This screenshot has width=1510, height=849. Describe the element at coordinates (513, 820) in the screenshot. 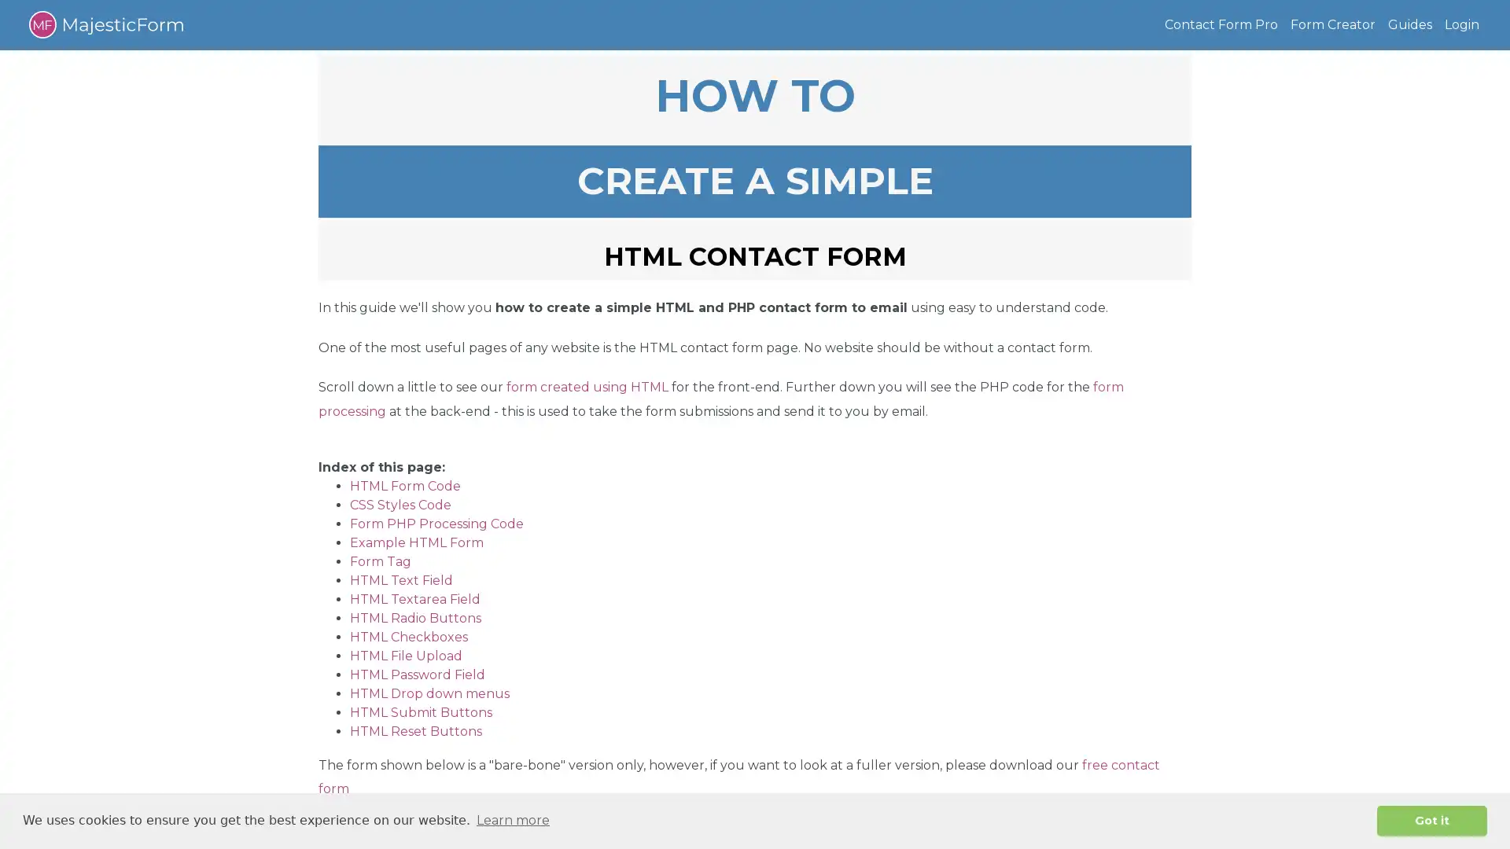

I see `learn more about cookies` at that location.